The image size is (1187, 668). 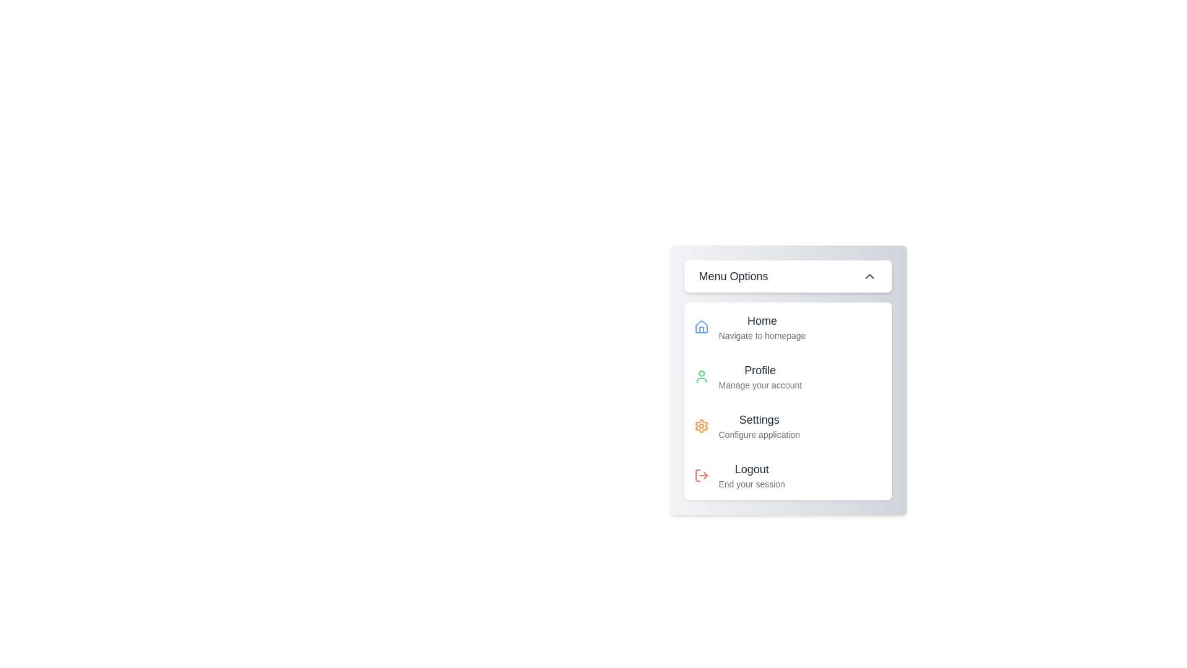 What do you see at coordinates (787, 426) in the screenshot?
I see `the 'Settings' menu item, which features an orange cogwheel icon and bold dark gray text` at bounding box center [787, 426].